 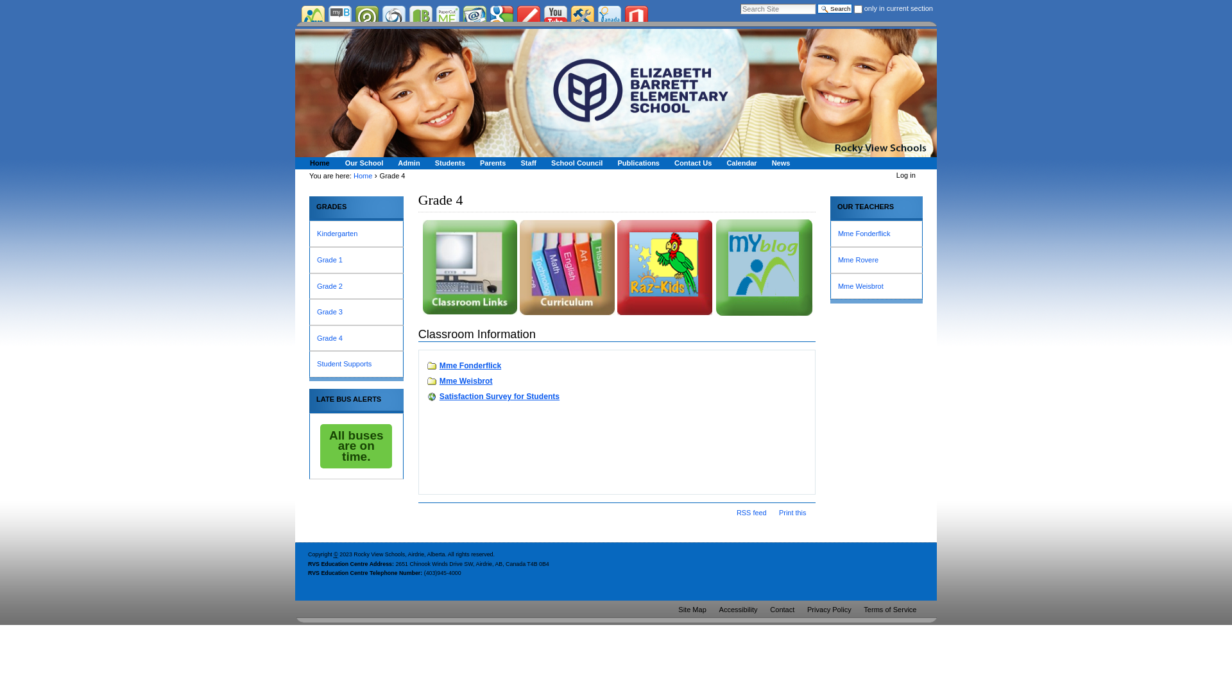 What do you see at coordinates (739, 162) in the screenshot?
I see `'Calendar'` at bounding box center [739, 162].